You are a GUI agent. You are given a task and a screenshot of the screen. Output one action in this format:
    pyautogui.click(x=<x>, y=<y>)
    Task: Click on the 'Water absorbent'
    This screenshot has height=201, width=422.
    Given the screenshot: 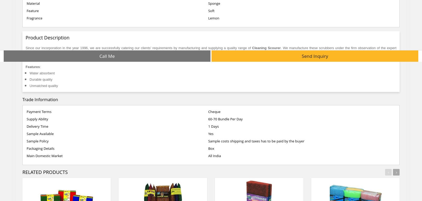 What is the action you would take?
    pyautogui.click(x=42, y=73)
    